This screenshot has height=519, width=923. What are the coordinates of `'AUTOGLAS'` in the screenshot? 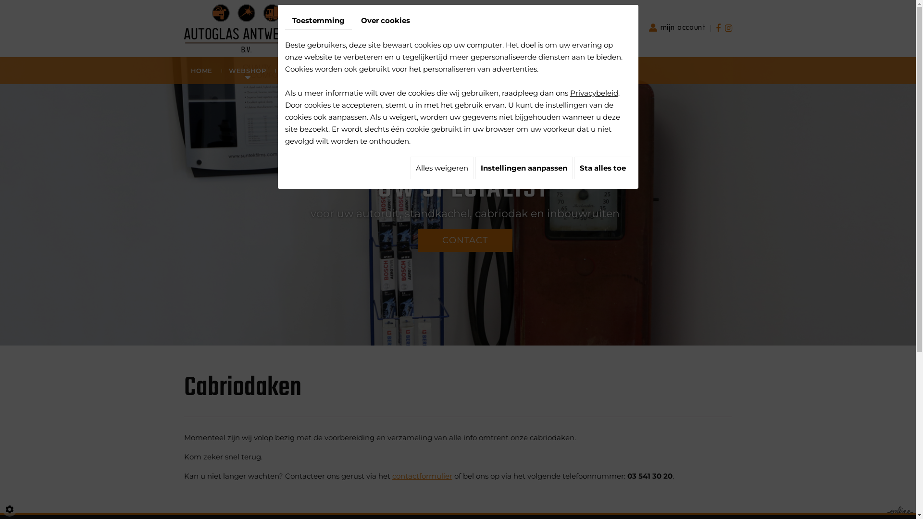 It's located at (301, 70).